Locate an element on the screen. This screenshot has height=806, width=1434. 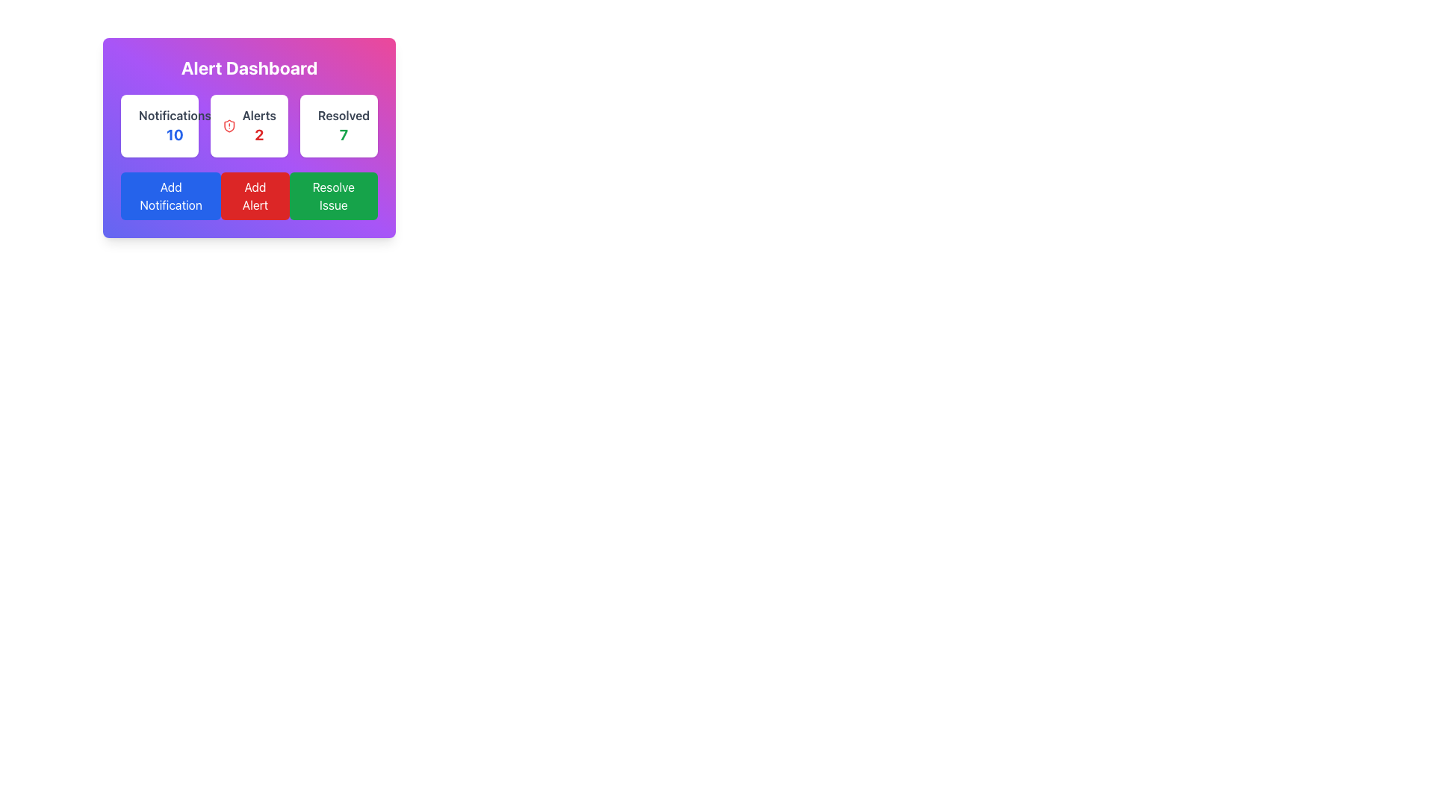
the Information card displaying the count of notifications, located at the first position in a three-column layout, to the left of the 'Alerts' and 'Resolved' cards is located at coordinates (160, 125).